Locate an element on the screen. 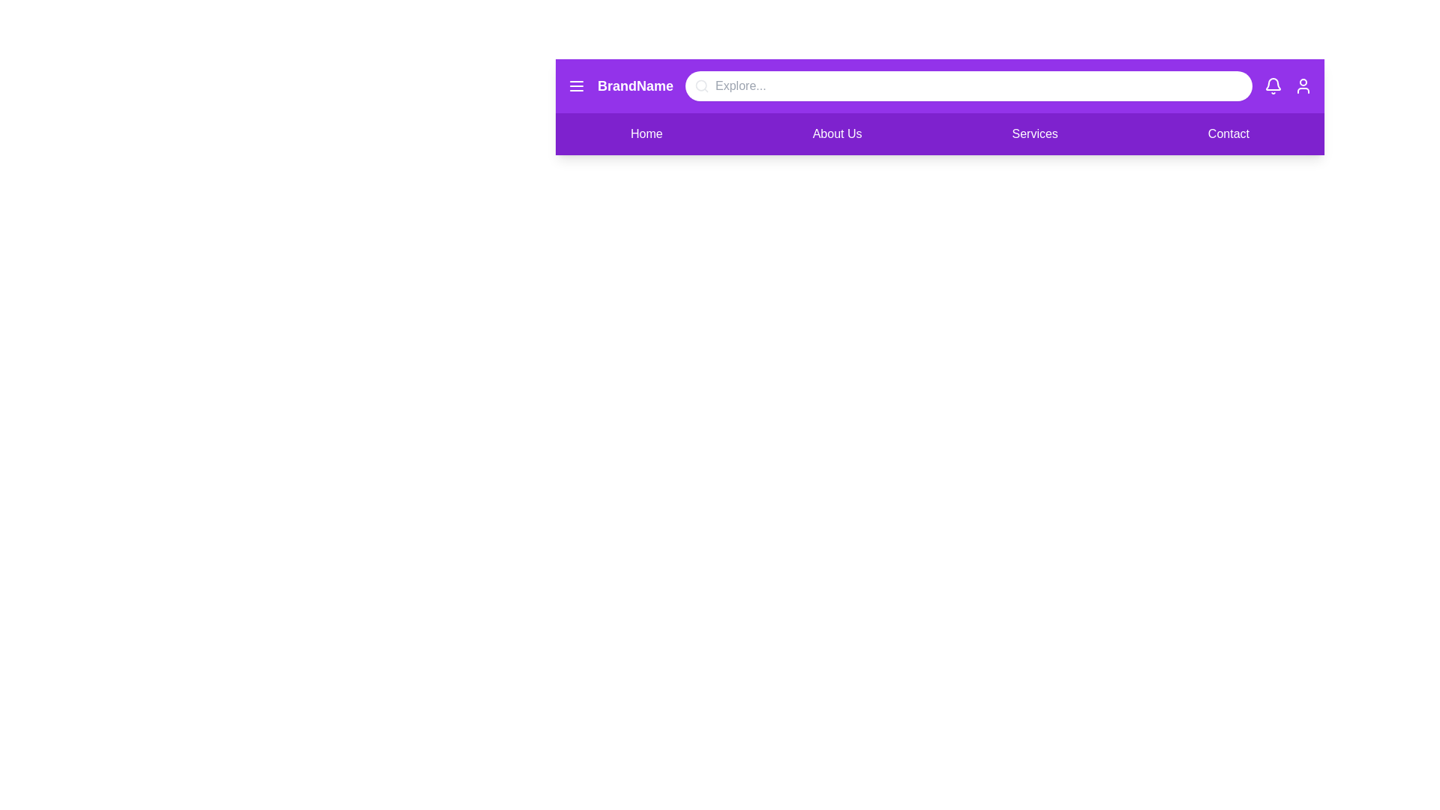  the Home link in the navigation menu is located at coordinates (646, 133).